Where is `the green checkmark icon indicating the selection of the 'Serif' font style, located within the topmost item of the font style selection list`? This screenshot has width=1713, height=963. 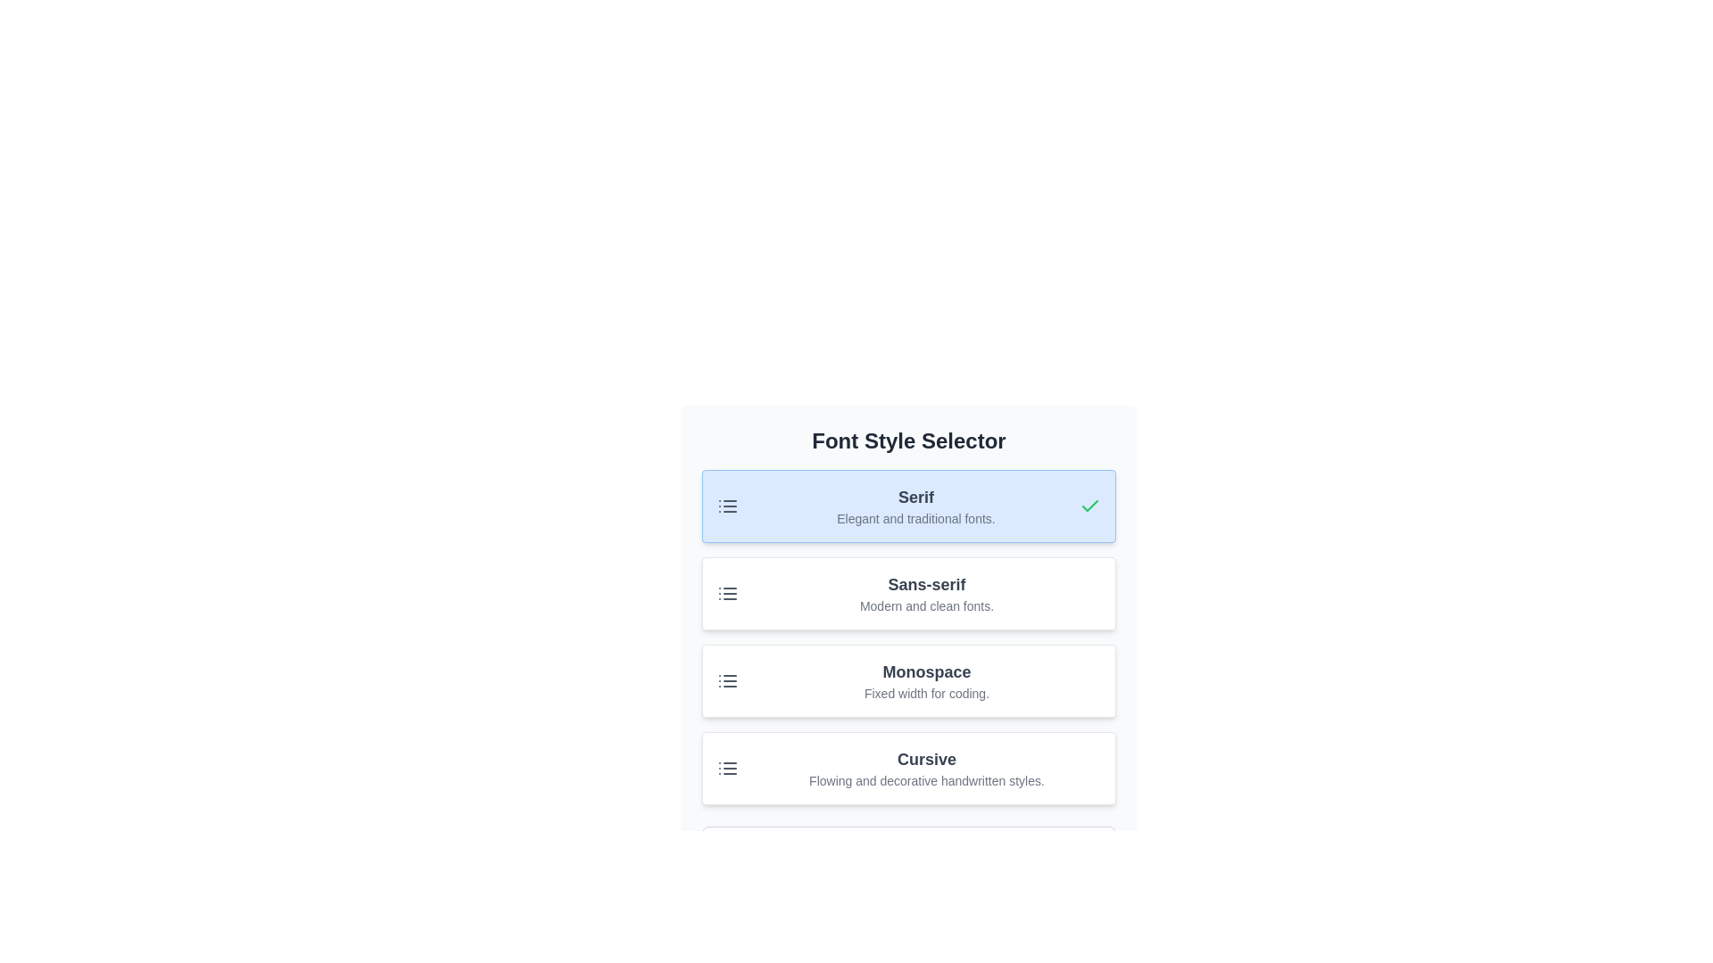
the green checkmark icon indicating the selection of the 'Serif' font style, located within the topmost item of the font style selection list is located at coordinates (1089, 506).